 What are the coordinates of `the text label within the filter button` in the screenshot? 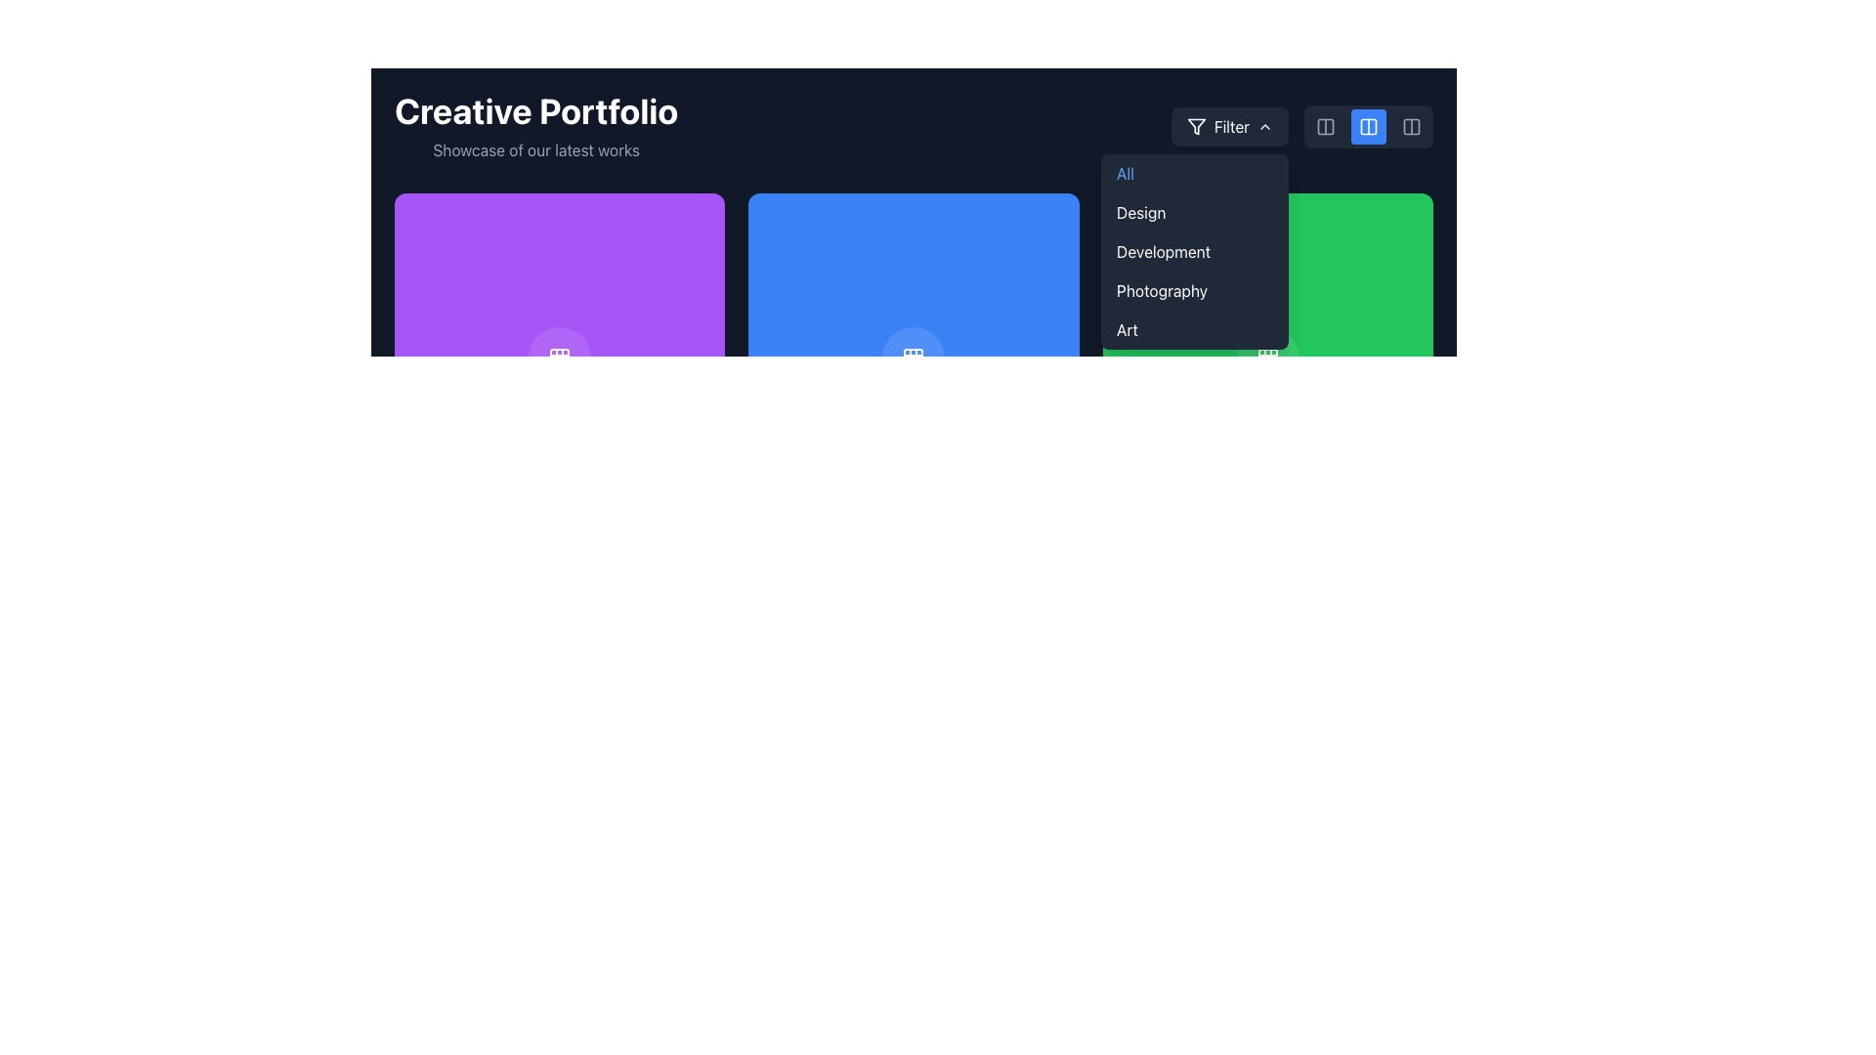 It's located at (1230, 127).